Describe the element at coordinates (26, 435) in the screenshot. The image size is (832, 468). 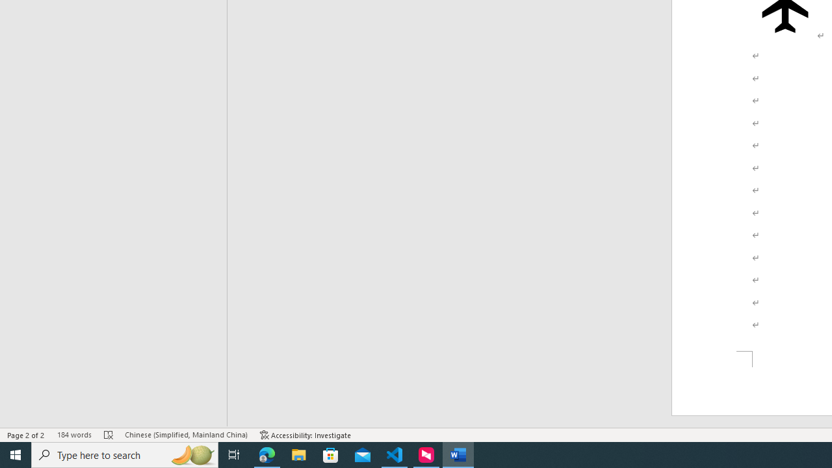
I see `'Page Number Page 2 of 2'` at that location.